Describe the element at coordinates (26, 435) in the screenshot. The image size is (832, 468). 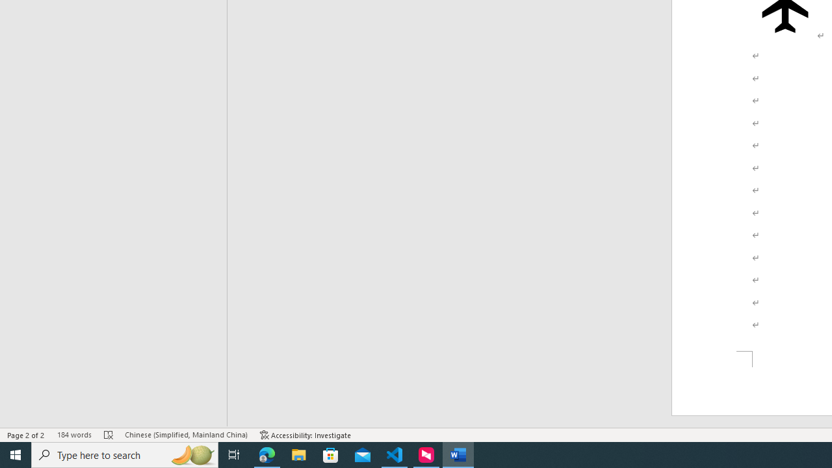
I see `'Page Number Page 2 of 2'` at that location.